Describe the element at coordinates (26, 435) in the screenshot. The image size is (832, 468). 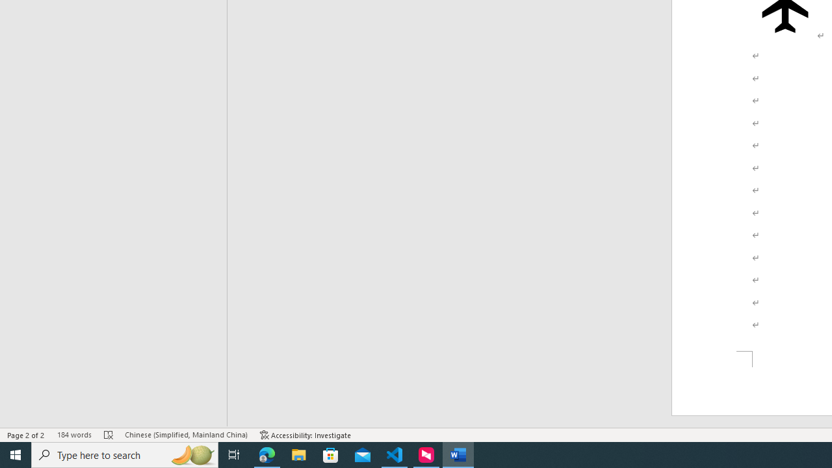
I see `'Page Number Page 2 of 2'` at that location.